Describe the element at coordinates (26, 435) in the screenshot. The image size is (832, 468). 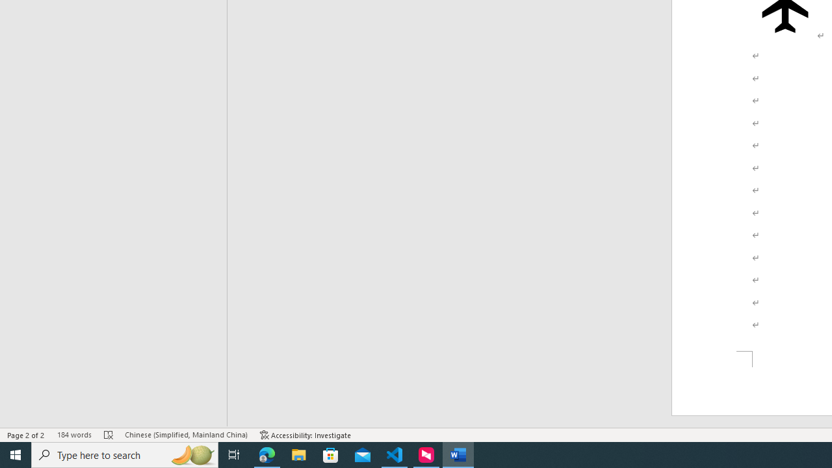
I see `'Page Number Page 2 of 2'` at that location.